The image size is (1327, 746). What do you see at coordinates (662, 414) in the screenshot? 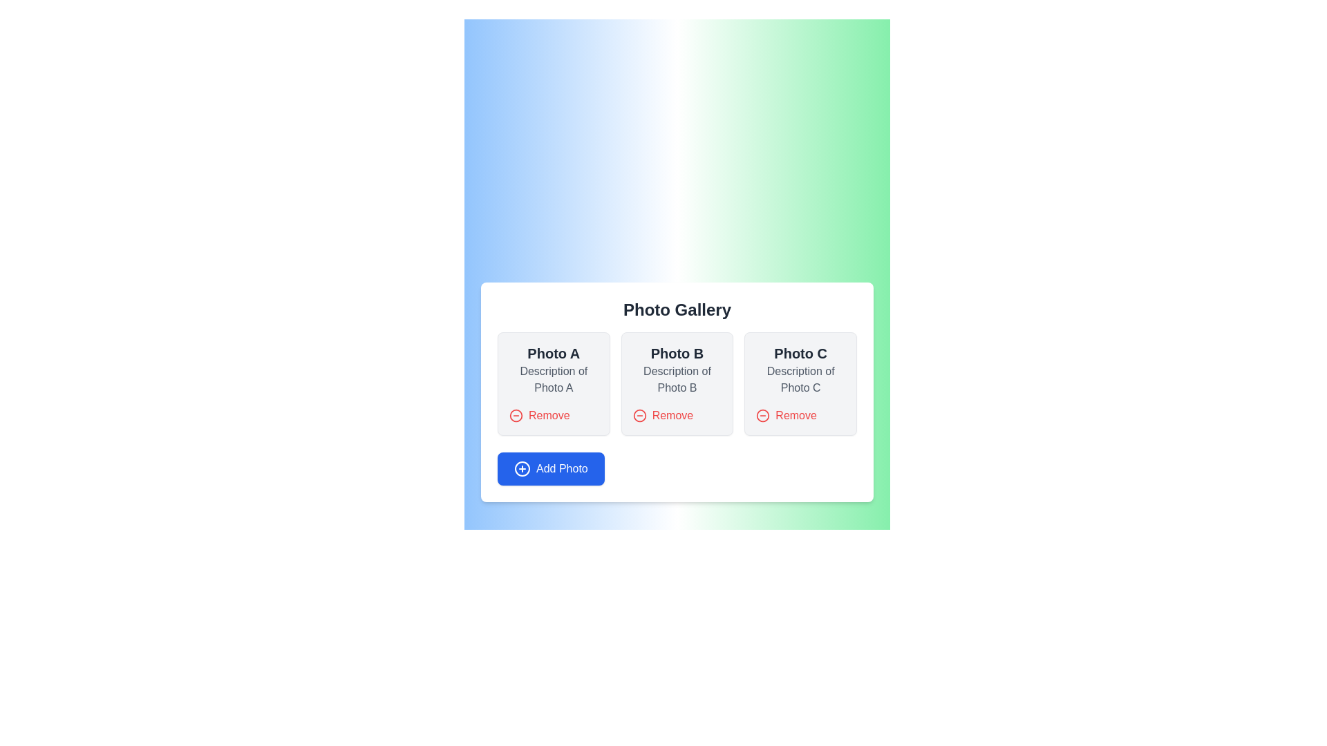
I see `the removal button associated with 'Photo B'` at bounding box center [662, 414].